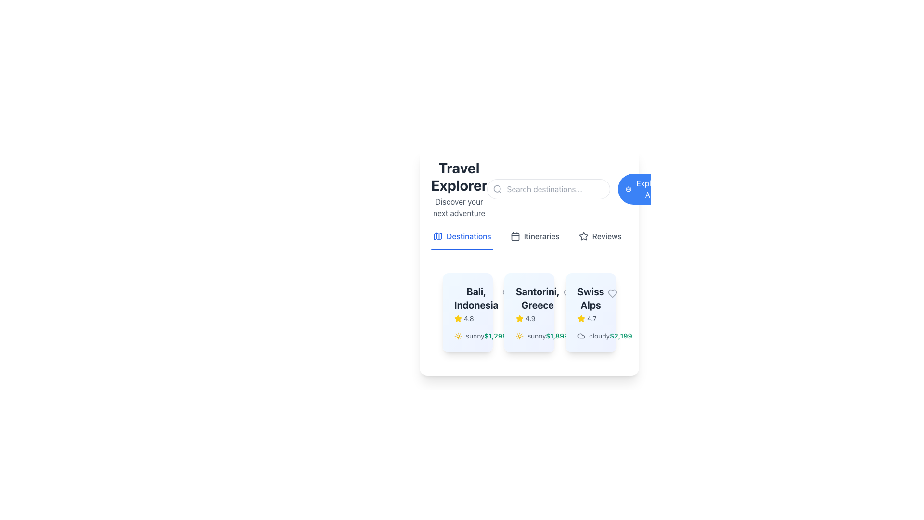 This screenshot has width=924, height=520. Describe the element at coordinates (530, 336) in the screenshot. I see `the text label displaying the weather condition 'sunny' for Santorini, Greece, located to the left of the price text '$1,899'` at that location.